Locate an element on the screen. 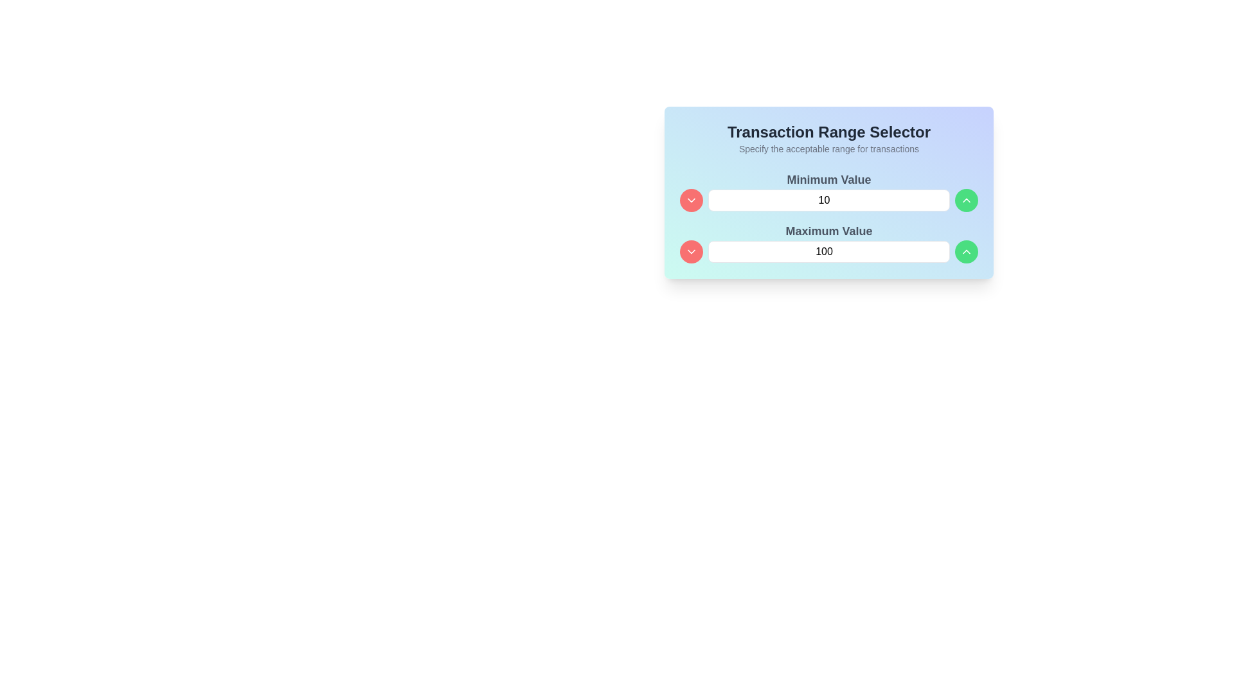 The width and height of the screenshot is (1234, 694). the numeric input field located in the 'Maximum Value' section of the 'Transaction Range Selector', which is centered between the red downward chevron button and the green upward chevron button is located at coordinates (829, 252).